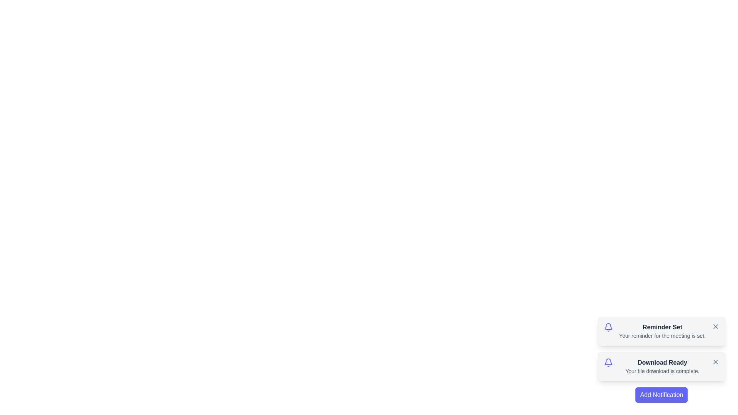 The height and width of the screenshot is (415, 738). Describe the element at coordinates (608, 327) in the screenshot. I see `the indigo reminder notification icon located at the leftmost position within the notification card at the top` at that location.